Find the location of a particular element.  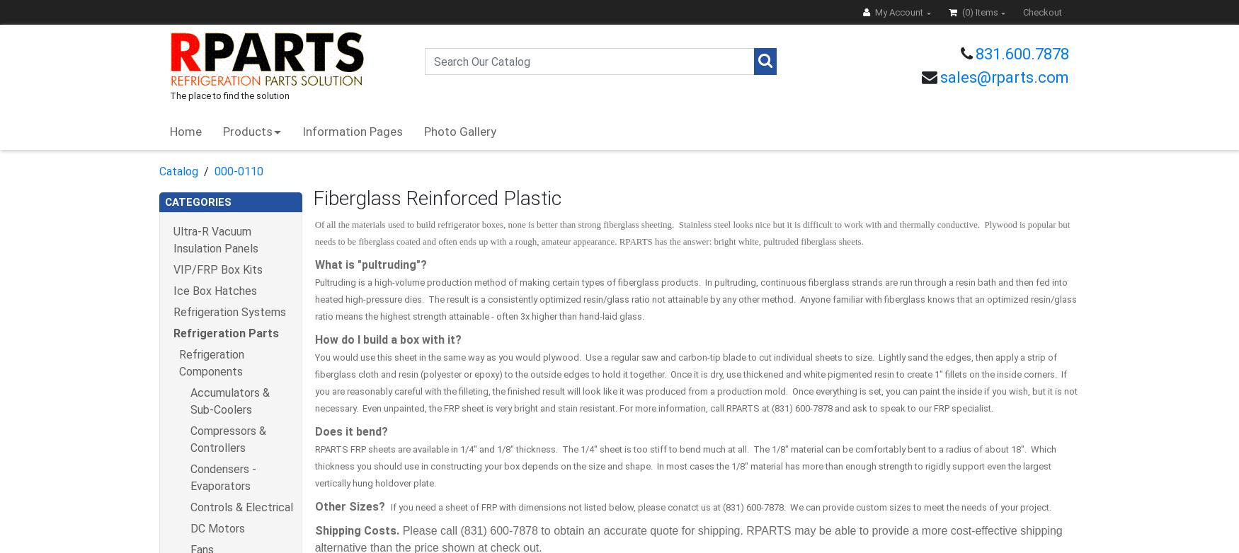

'Products' is located at coordinates (248, 132).